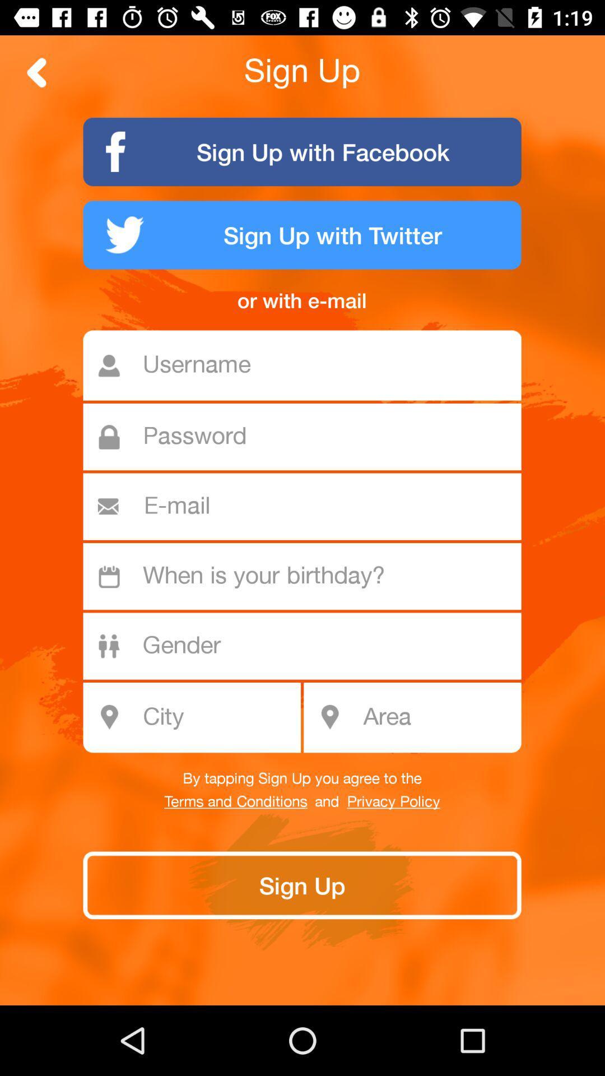  What do you see at coordinates (307, 506) in the screenshot?
I see `email address` at bounding box center [307, 506].